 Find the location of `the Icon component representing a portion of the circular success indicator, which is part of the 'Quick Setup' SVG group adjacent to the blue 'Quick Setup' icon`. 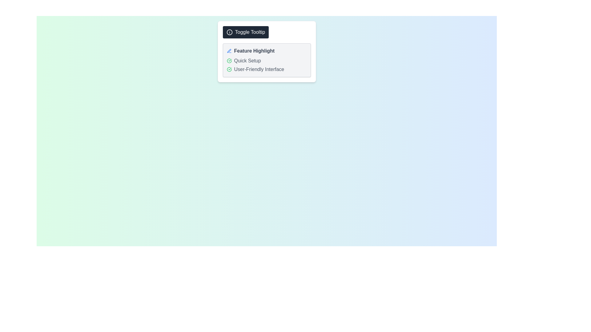

the Icon component representing a portion of the circular success indicator, which is part of the 'Quick Setup' SVG group adjacent to the blue 'Quick Setup' icon is located at coordinates (229, 69).